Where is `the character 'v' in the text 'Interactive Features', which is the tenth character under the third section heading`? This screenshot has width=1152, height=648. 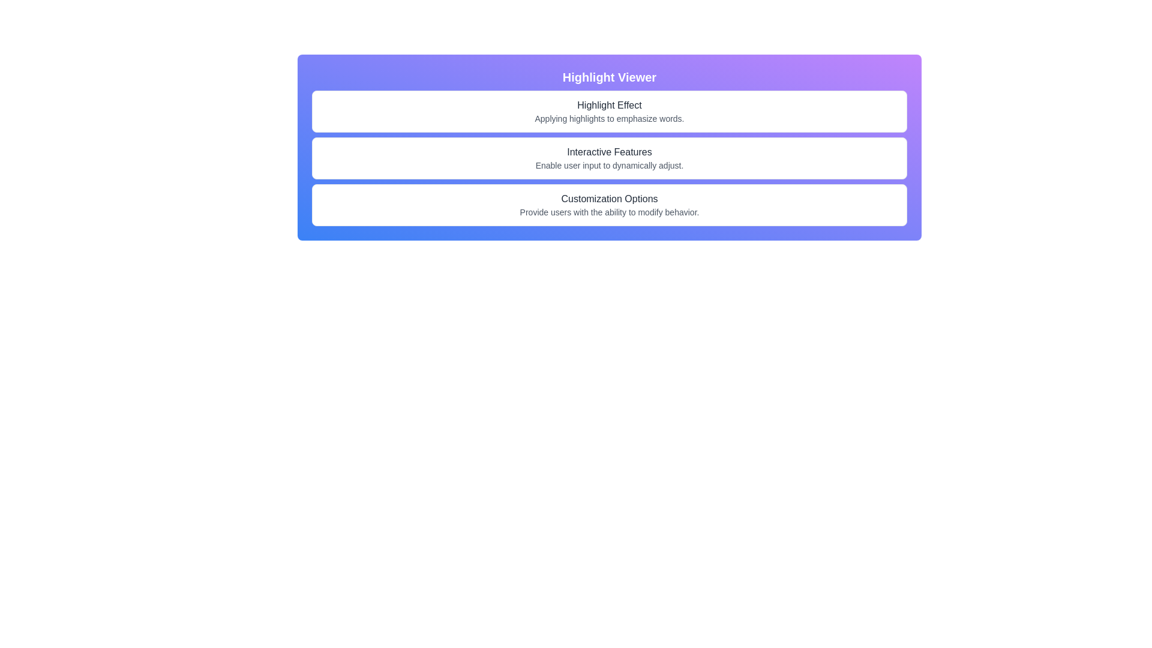 the character 'v' in the text 'Interactive Features', which is the tenth character under the third section heading is located at coordinates (604, 151).